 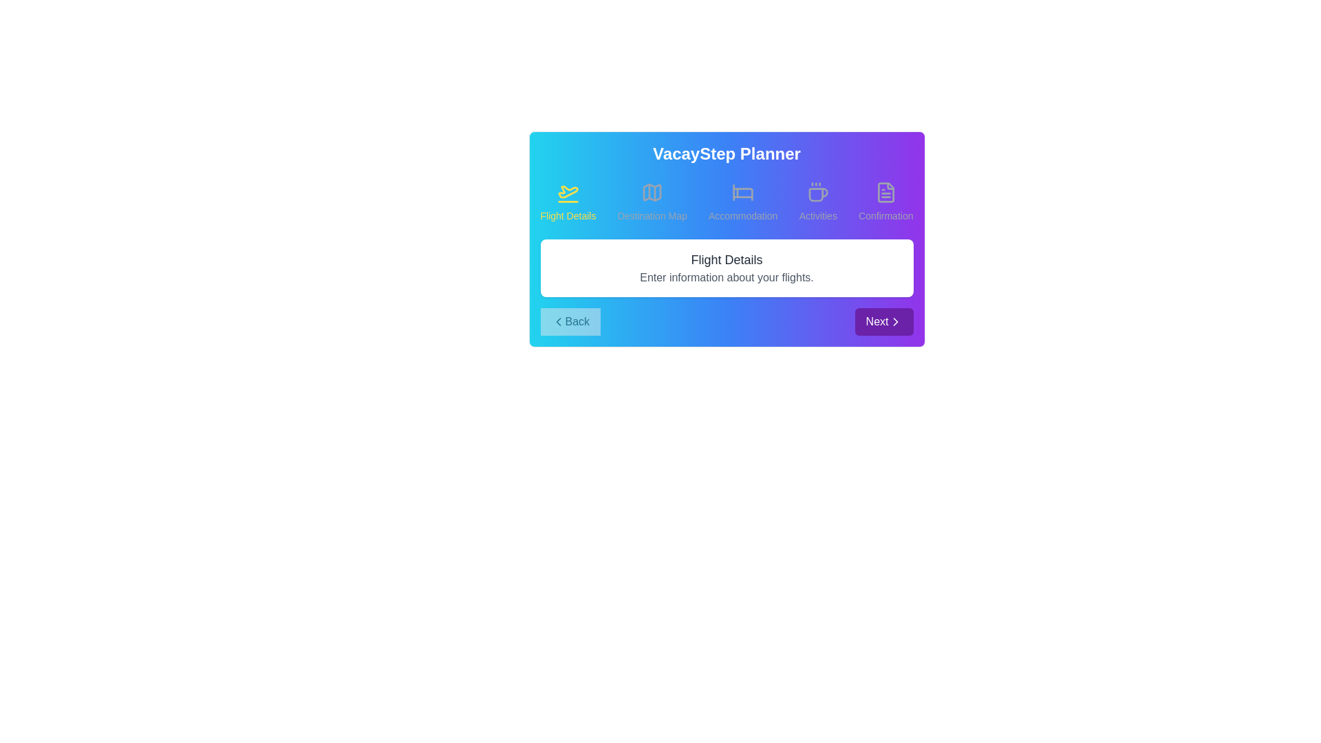 What do you see at coordinates (570, 321) in the screenshot?
I see `the Back button to navigate` at bounding box center [570, 321].